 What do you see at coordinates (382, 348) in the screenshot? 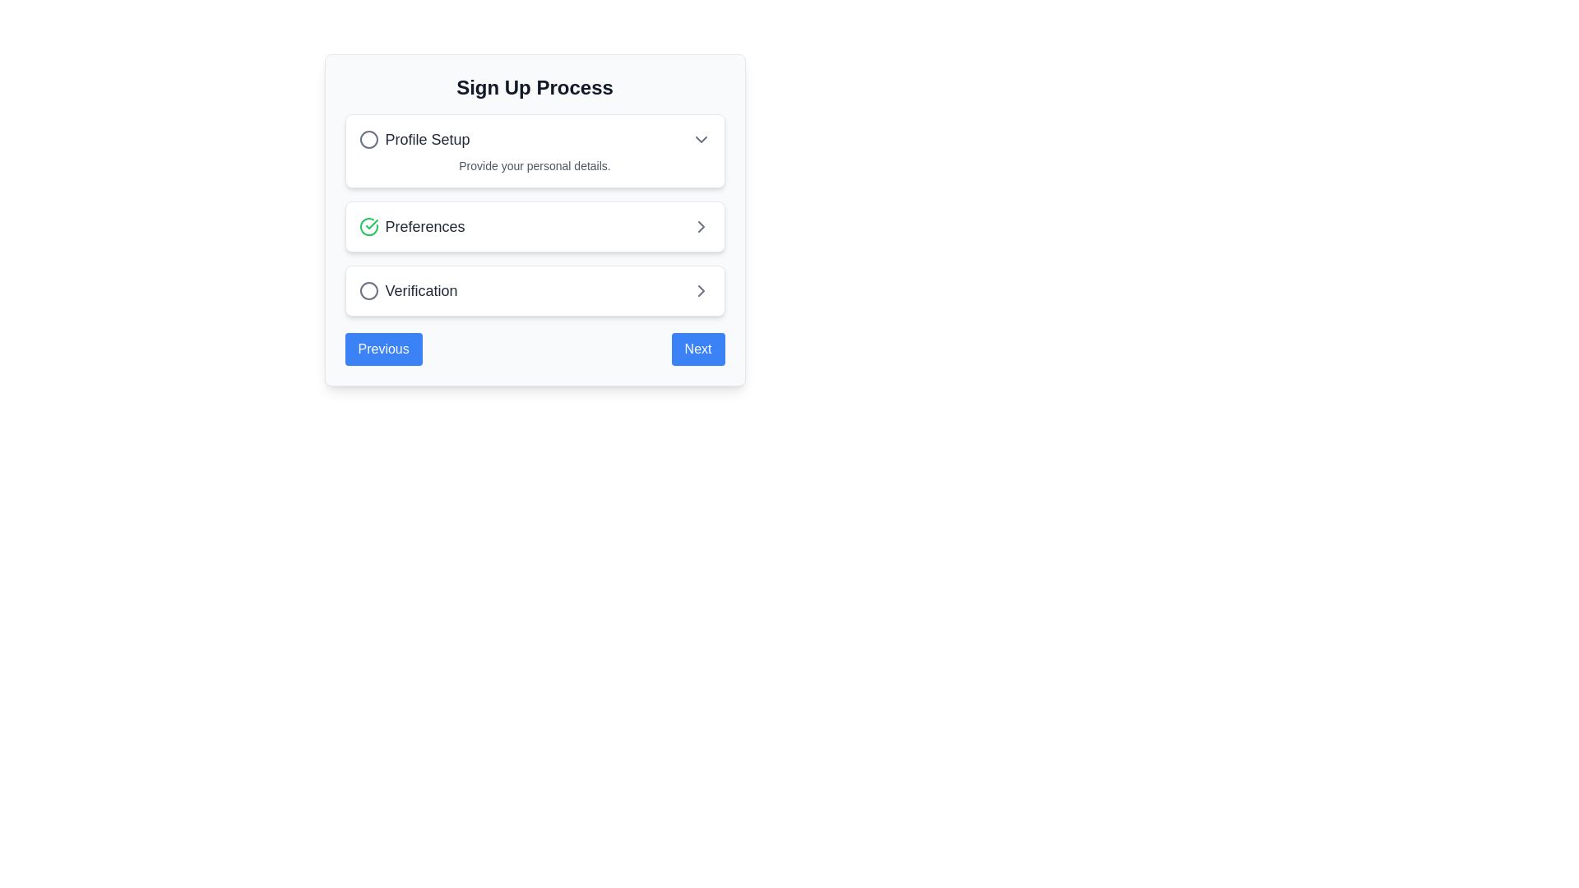
I see `the 'Previous' button located at the bottom-left corner of the 'Sign Up Process' card` at bounding box center [382, 348].